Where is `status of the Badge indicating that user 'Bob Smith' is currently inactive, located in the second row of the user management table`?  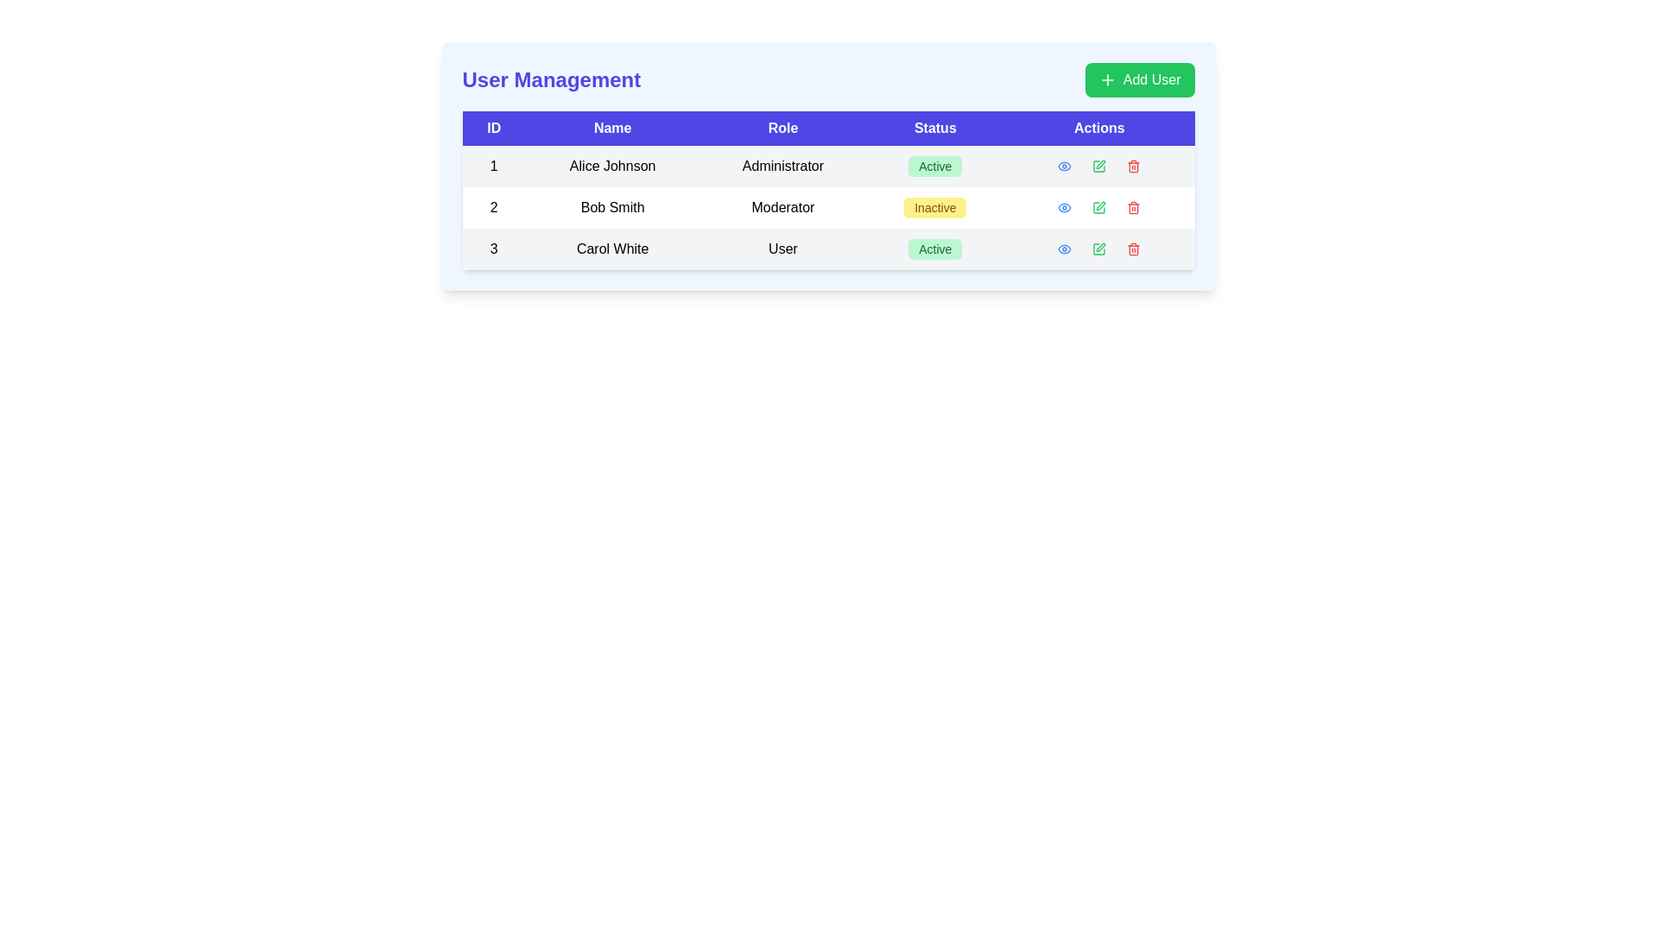
status of the Badge indicating that user 'Bob Smith' is currently inactive, located in the second row of the user management table is located at coordinates (934, 206).